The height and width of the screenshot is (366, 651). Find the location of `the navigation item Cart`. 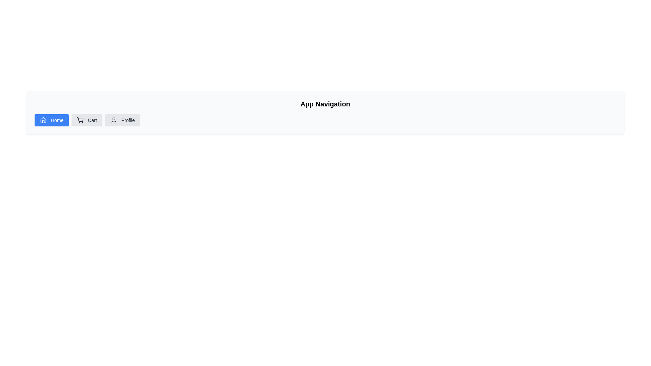

the navigation item Cart is located at coordinates (86, 120).